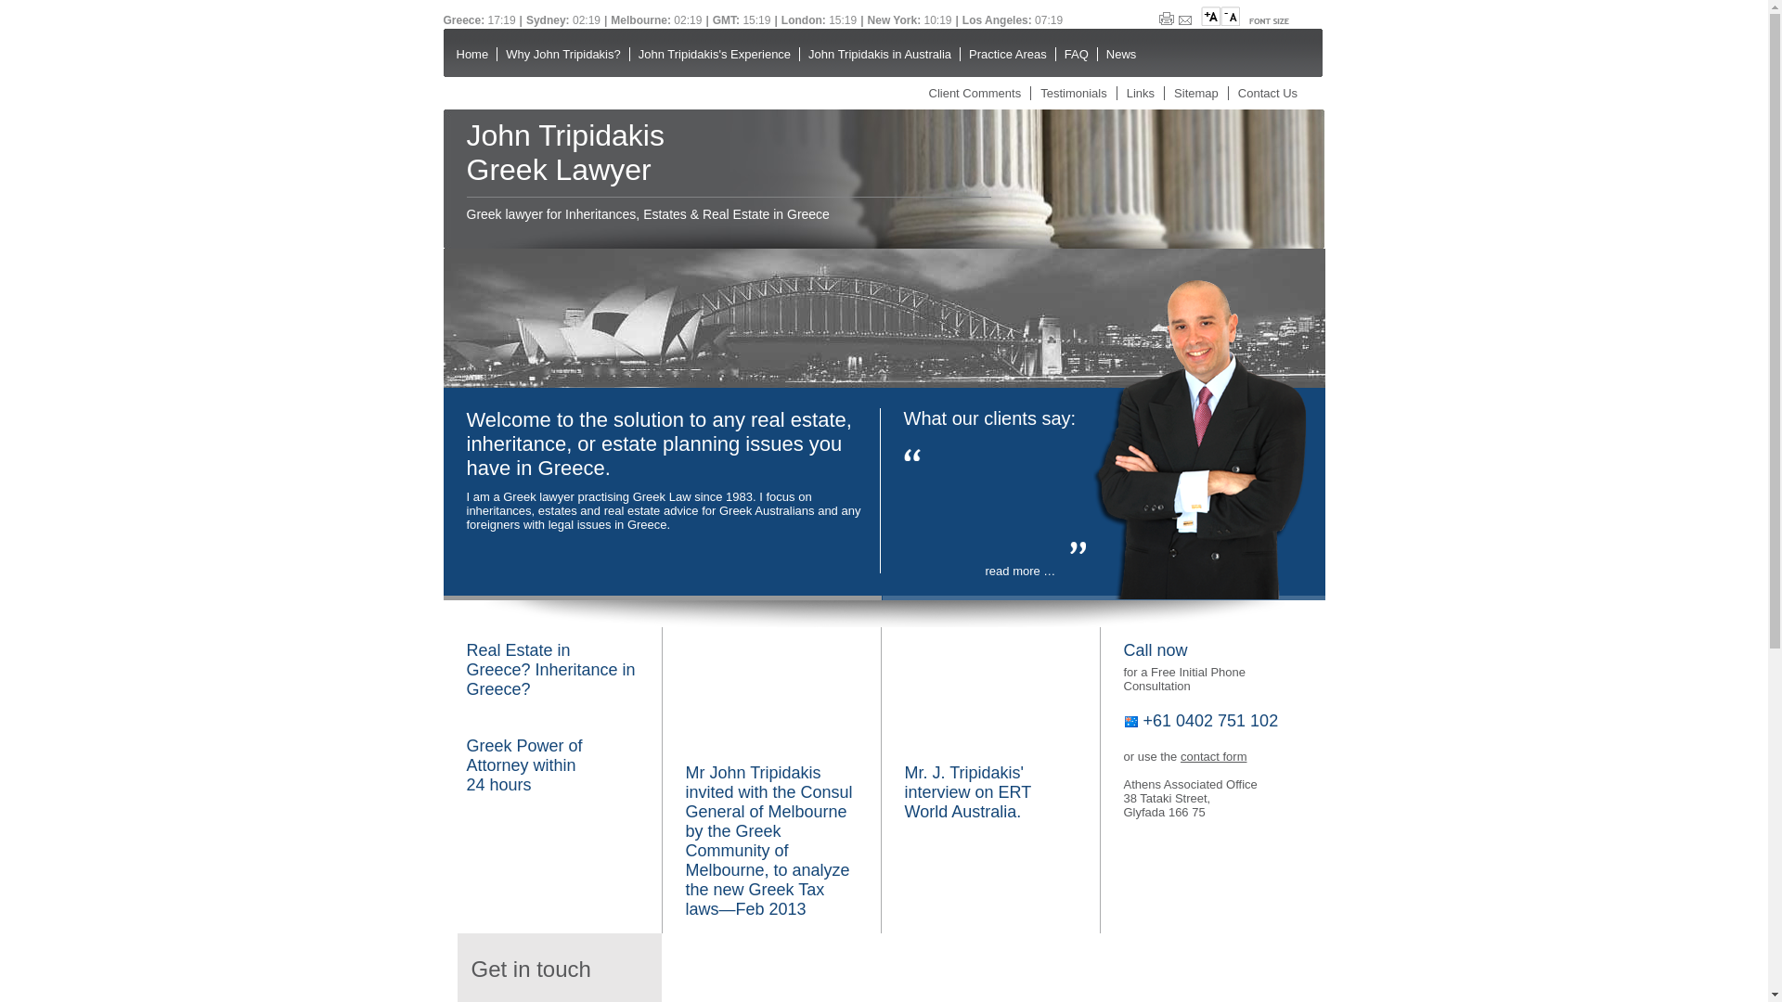  Describe the element at coordinates (1173, 93) in the screenshot. I see `'Sitemap'` at that location.